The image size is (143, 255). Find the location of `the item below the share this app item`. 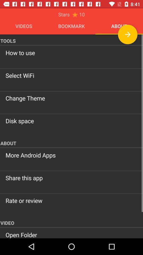

the item below the share this app item is located at coordinates (71, 200).